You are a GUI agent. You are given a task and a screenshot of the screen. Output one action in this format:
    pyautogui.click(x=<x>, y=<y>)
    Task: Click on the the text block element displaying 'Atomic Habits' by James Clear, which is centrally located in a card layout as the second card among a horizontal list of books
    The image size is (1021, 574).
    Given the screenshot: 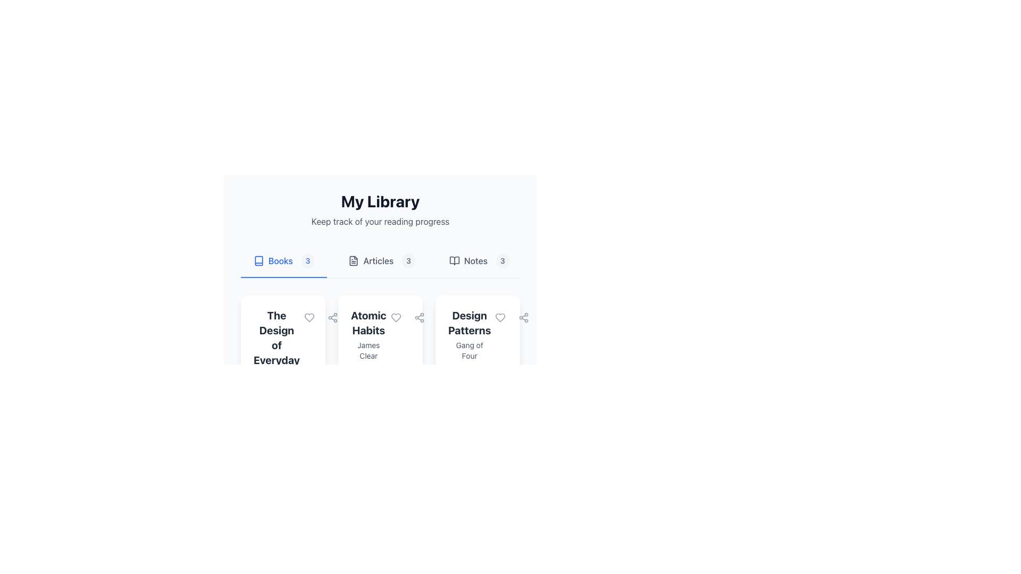 What is the action you would take?
    pyautogui.click(x=369, y=334)
    